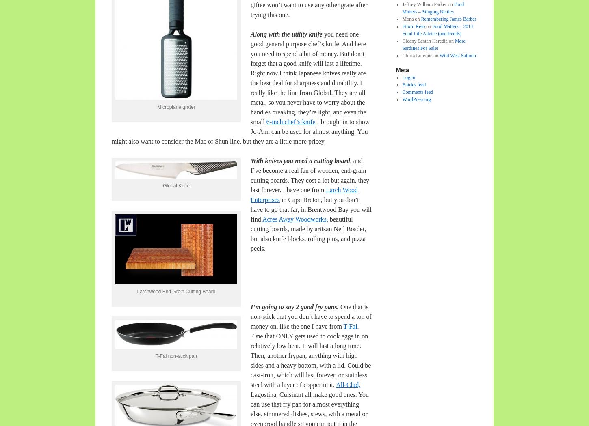 The width and height of the screenshot is (589, 426). What do you see at coordinates (350, 326) in the screenshot?
I see `'T-Fal'` at bounding box center [350, 326].